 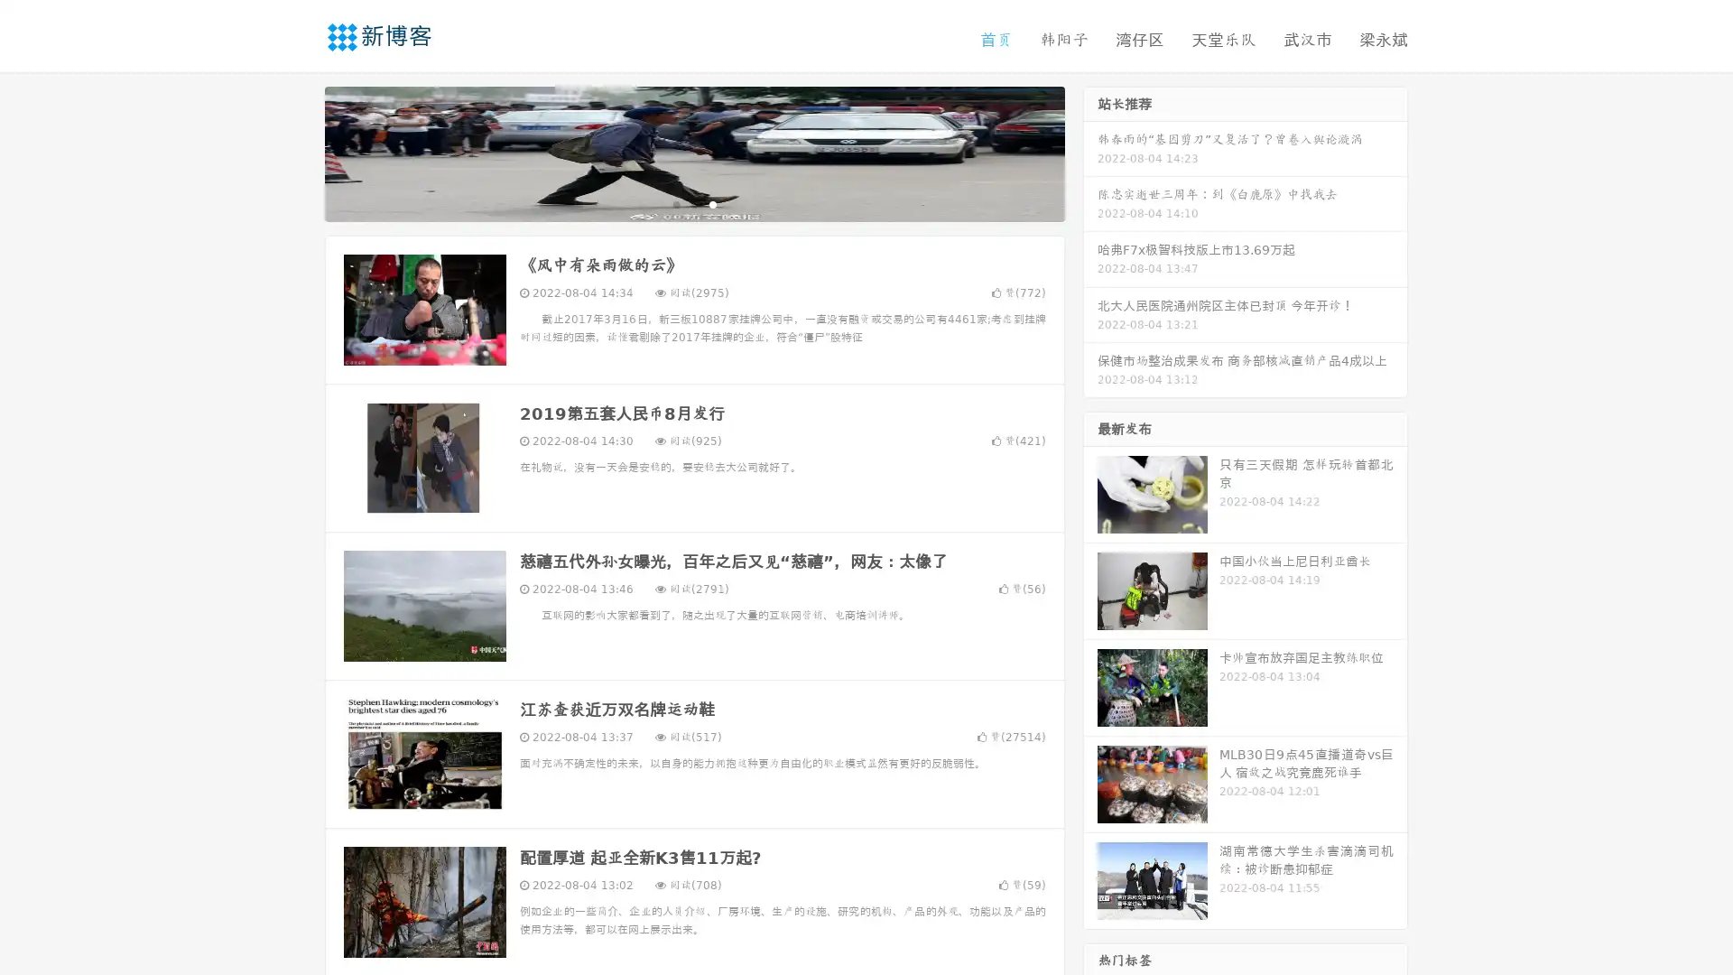 I want to click on Go to slide 2, so click(x=693, y=203).